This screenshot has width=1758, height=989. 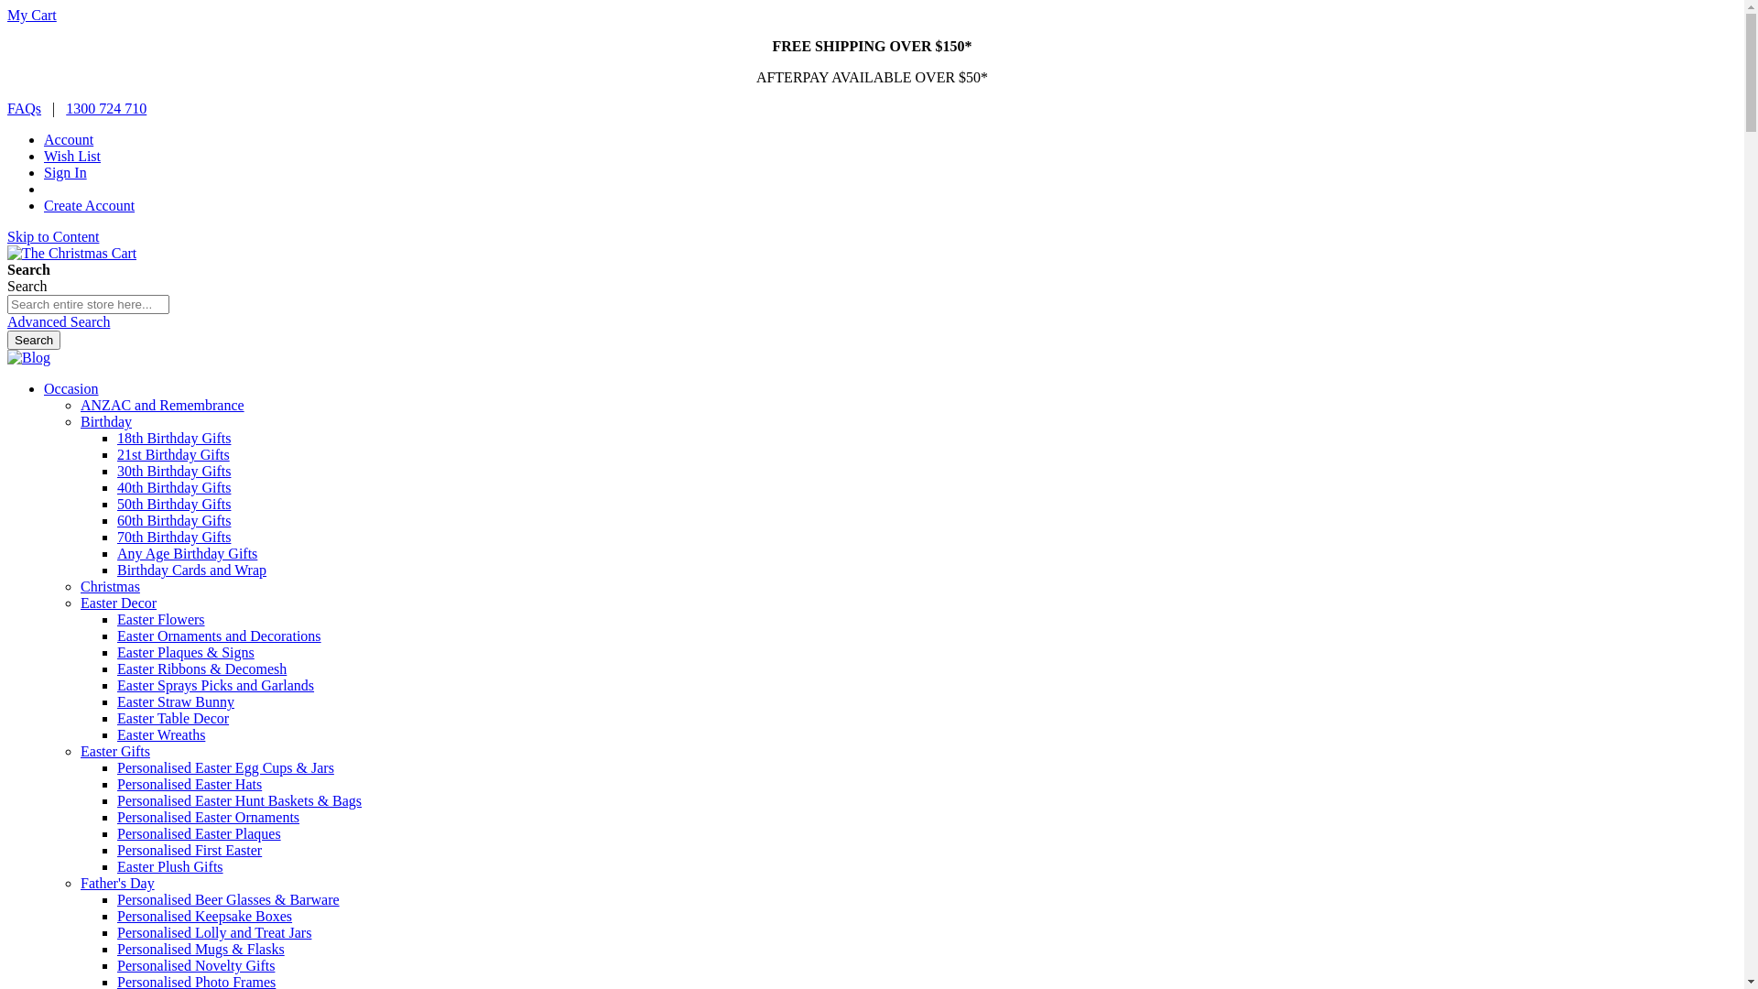 What do you see at coordinates (208, 816) in the screenshot?
I see `'Personalised Easter Ornaments'` at bounding box center [208, 816].